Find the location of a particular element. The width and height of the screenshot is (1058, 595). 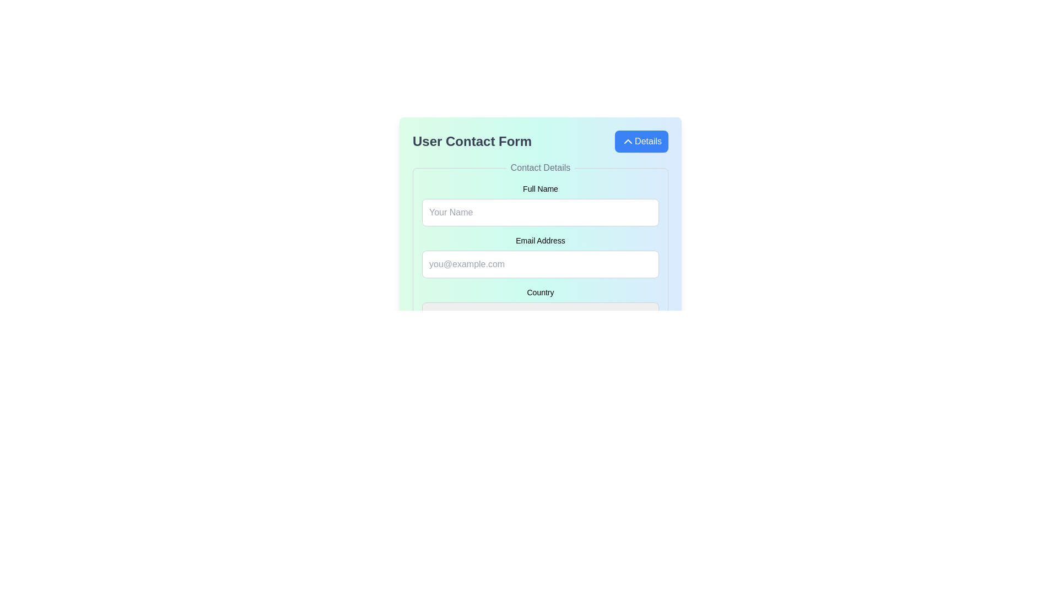

the second input field for email addresses in the 'Contact Details' group to focus on it is located at coordinates (540, 257).